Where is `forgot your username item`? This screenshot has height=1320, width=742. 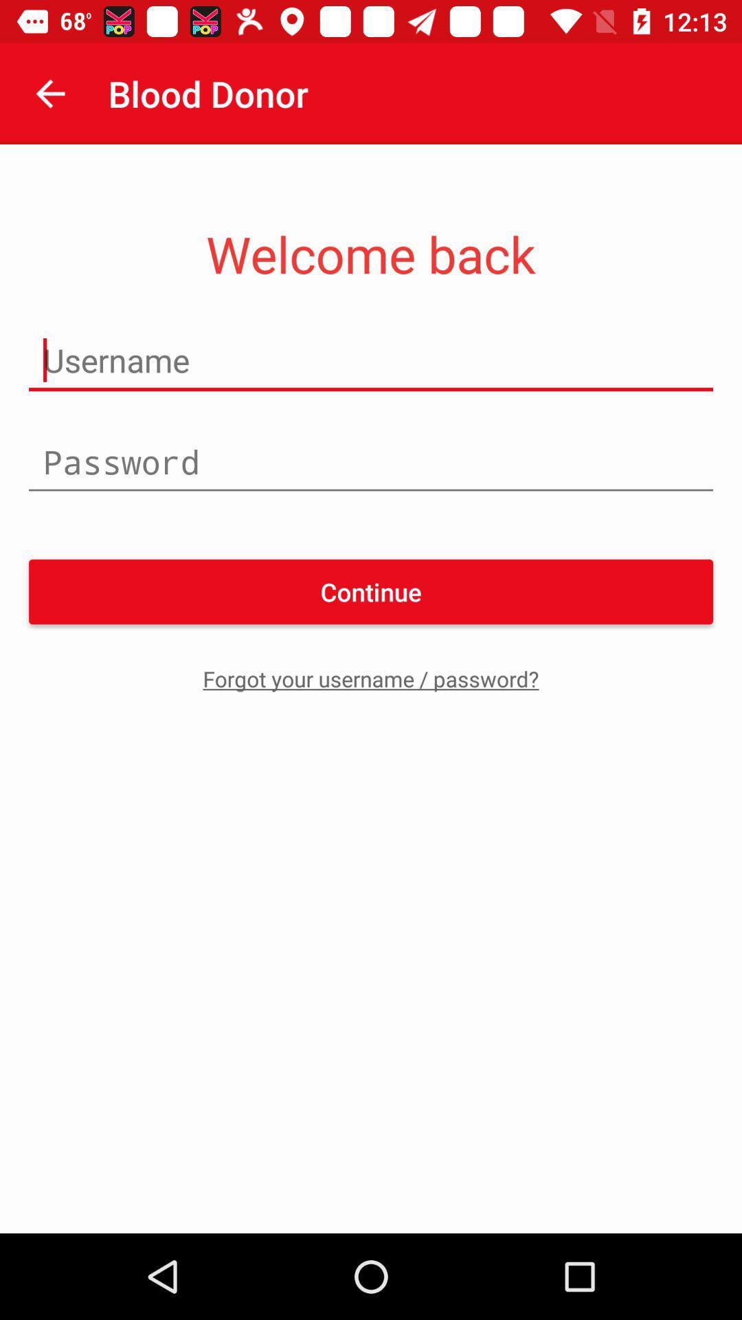 forgot your username item is located at coordinates (371, 679).